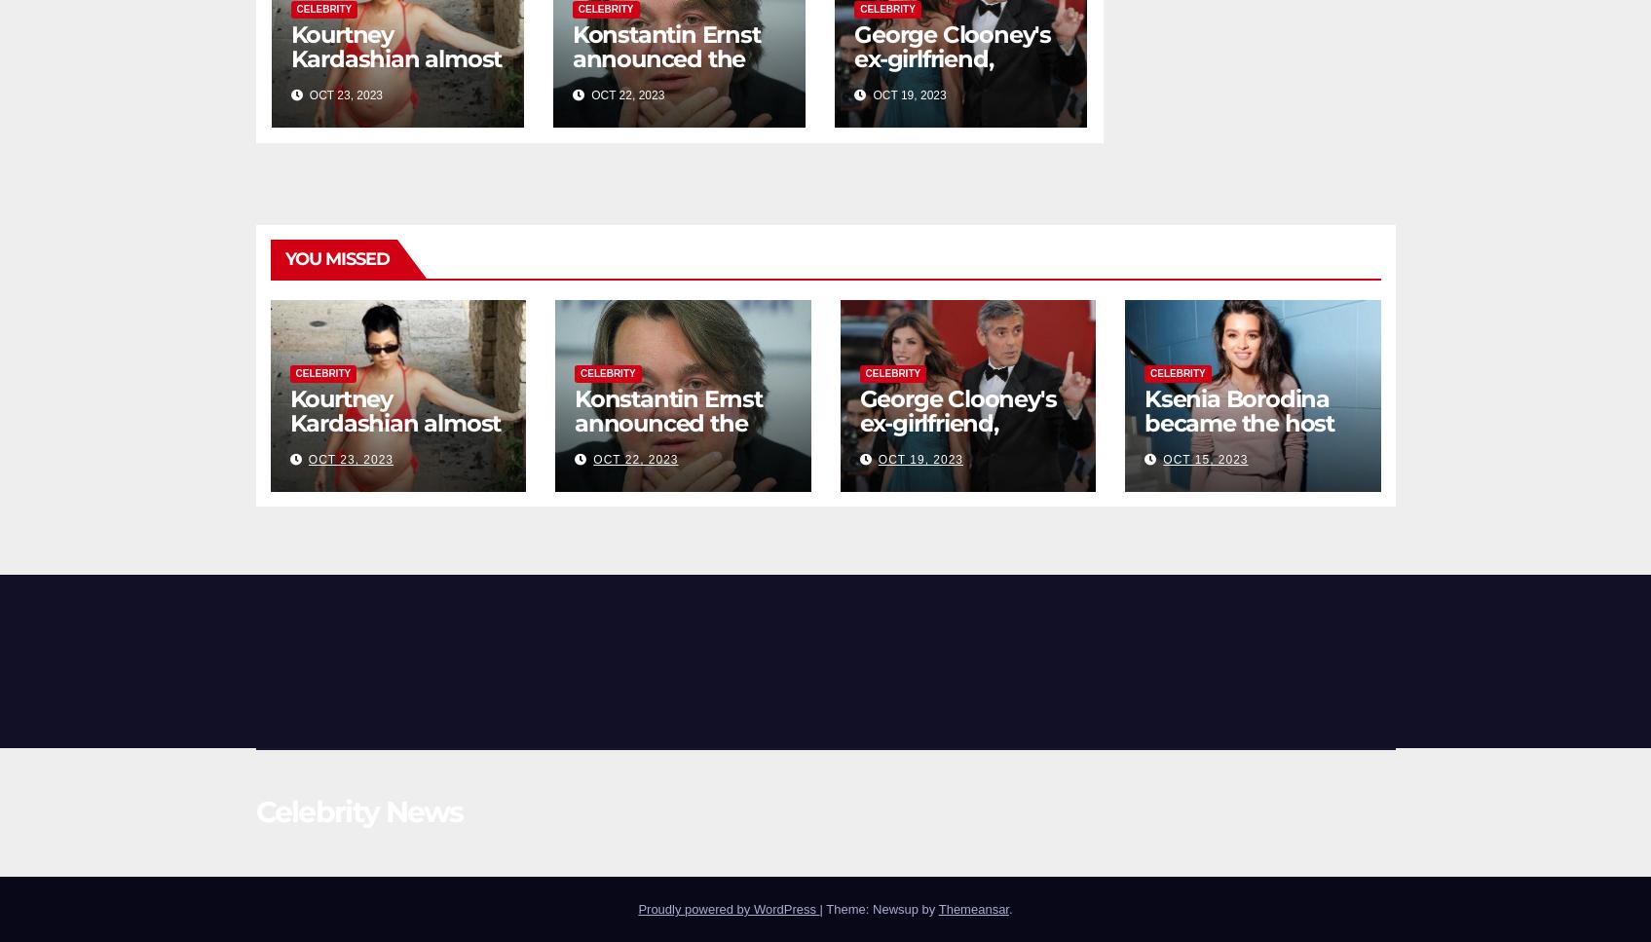  Describe the element at coordinates (728, 908) in the screenshot. I see `'Proudly powered by WordPress'` at that location.